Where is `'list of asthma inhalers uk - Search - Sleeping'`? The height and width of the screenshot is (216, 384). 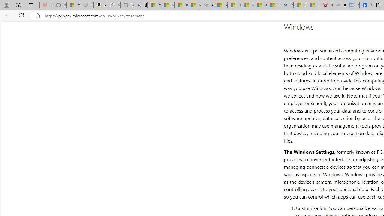 'list of asthma inhalers uk - Search - Sleeping' is located at coordinates (340, 5).